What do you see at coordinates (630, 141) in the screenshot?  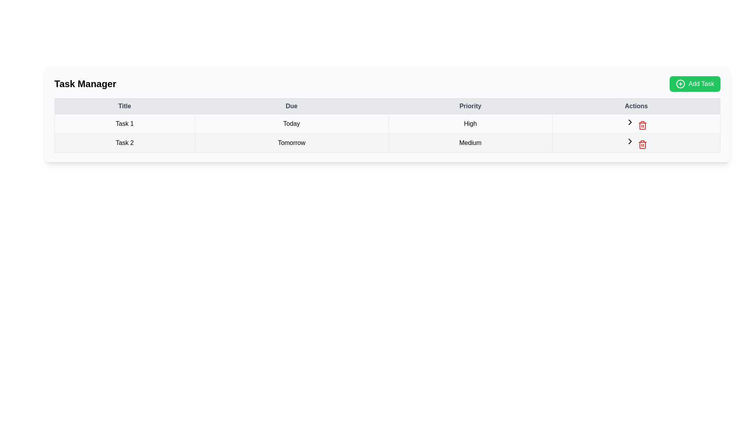 I see `the right-facing chevron icon in the 'Actions' column of the second row in the 'Task Manager' table` at bounding box center [630, 141].